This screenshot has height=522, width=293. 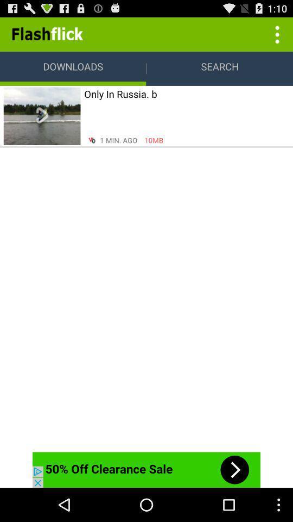 What do you see at coordinates (146, 469) in the screenshot?
I see `advertiser site` at bounding box center [146, 469].